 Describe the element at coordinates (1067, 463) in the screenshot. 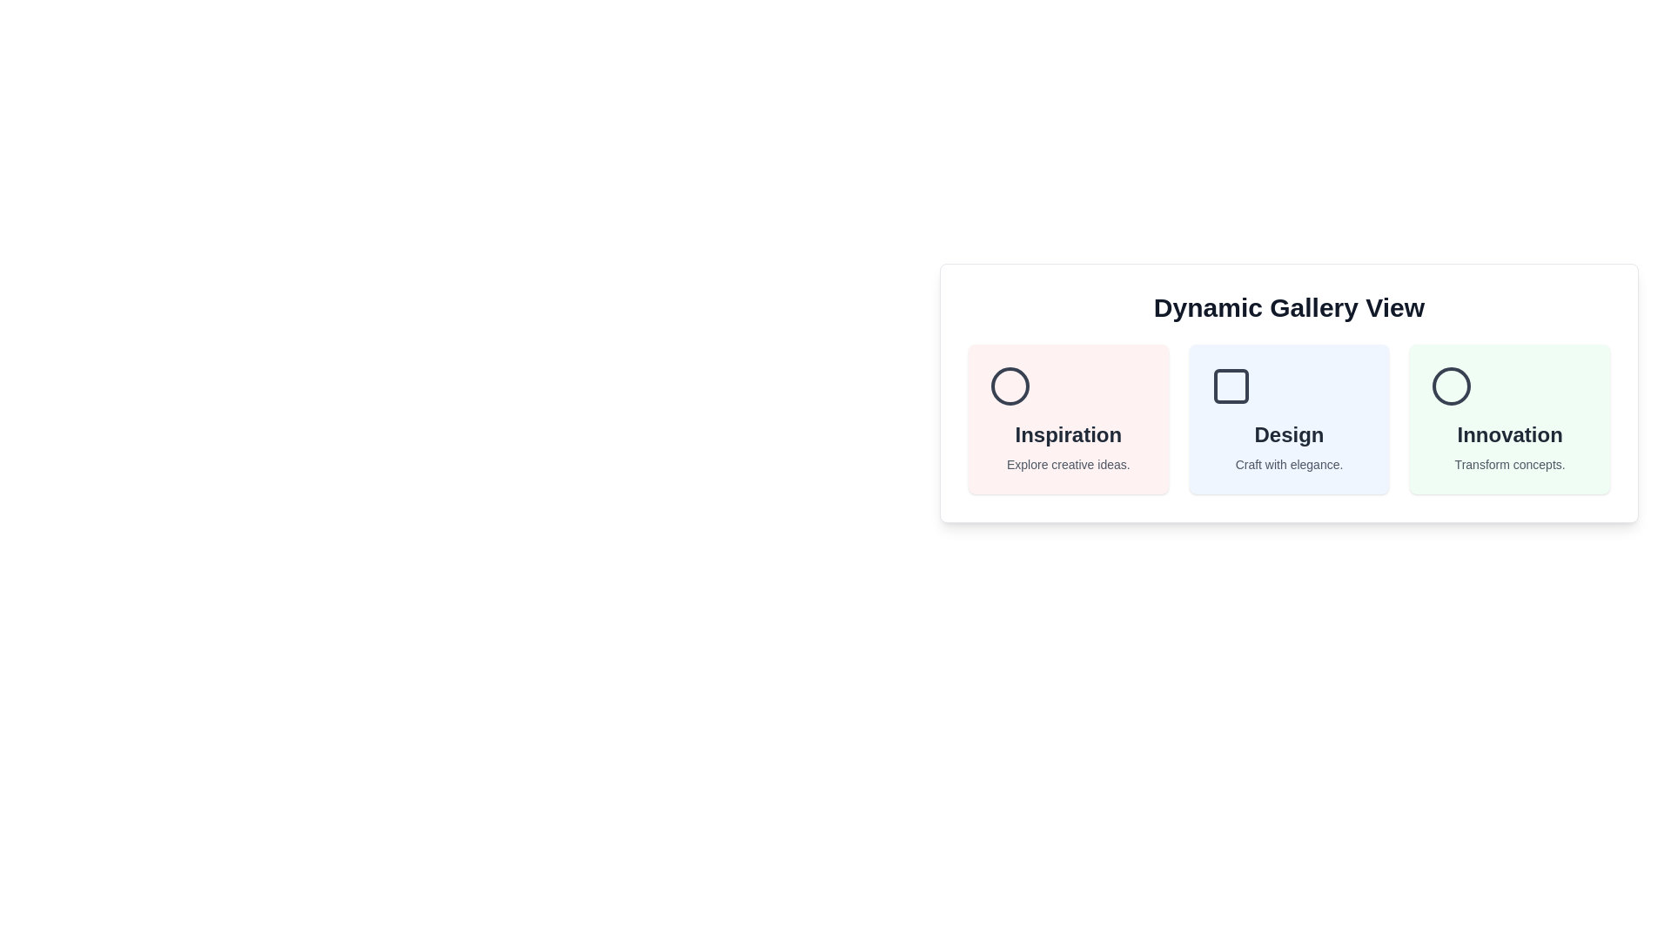

I see `text content of the label that says 'Explore creative ideas.' located below the 'Inspiration' label in the Dynamic Gallery View section` at that location.